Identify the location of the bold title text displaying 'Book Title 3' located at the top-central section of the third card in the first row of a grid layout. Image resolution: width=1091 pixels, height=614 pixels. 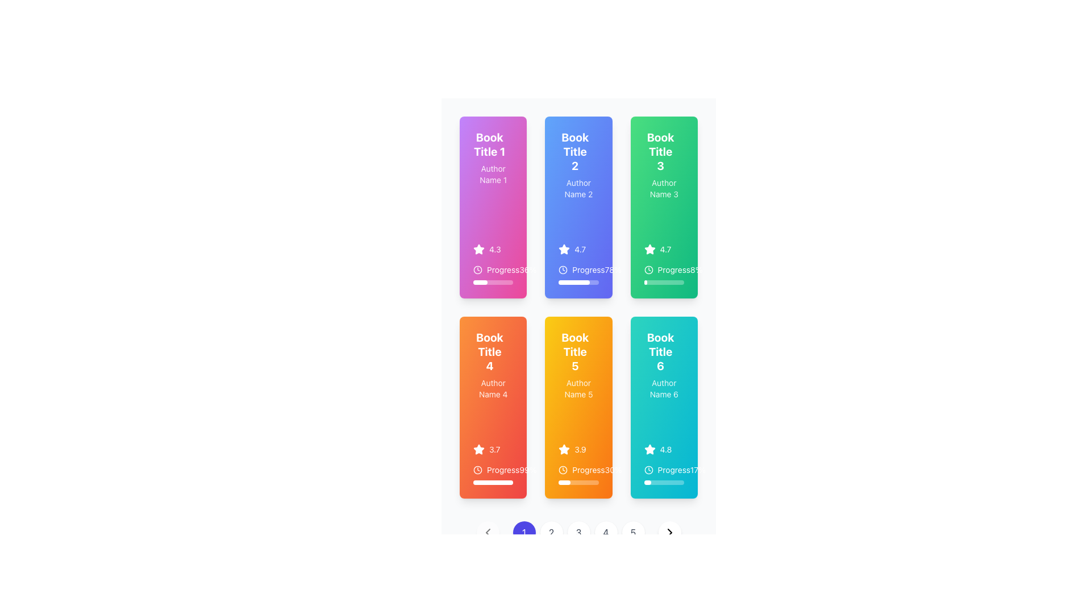
(664, 153).